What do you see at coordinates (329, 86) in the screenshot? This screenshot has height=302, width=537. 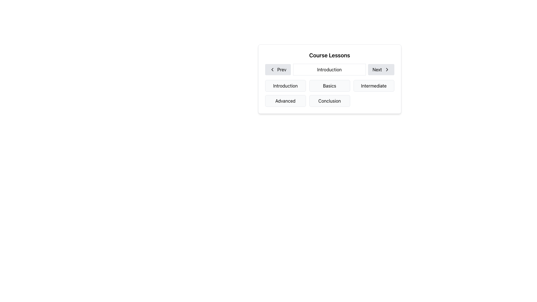 I see `the second button labeled 'Basics' in the grid layout under 'Course Lessons' to observe the background color change` at bounding box center [329, 86].